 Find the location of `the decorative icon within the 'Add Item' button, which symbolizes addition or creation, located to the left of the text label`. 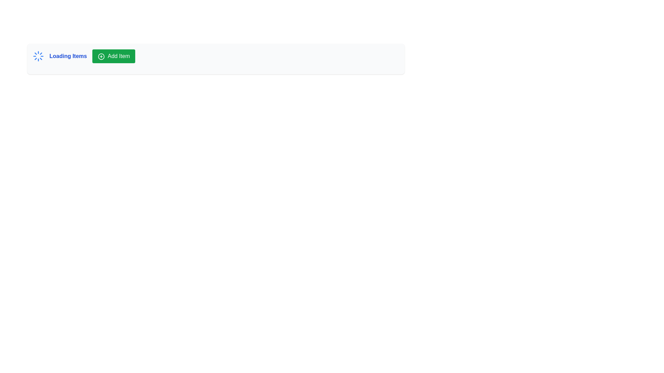

the decorative icon within the 'Add Item' button, which symbolizes addition or creation, located to the left of the text label is located at coordinates (101, 56).